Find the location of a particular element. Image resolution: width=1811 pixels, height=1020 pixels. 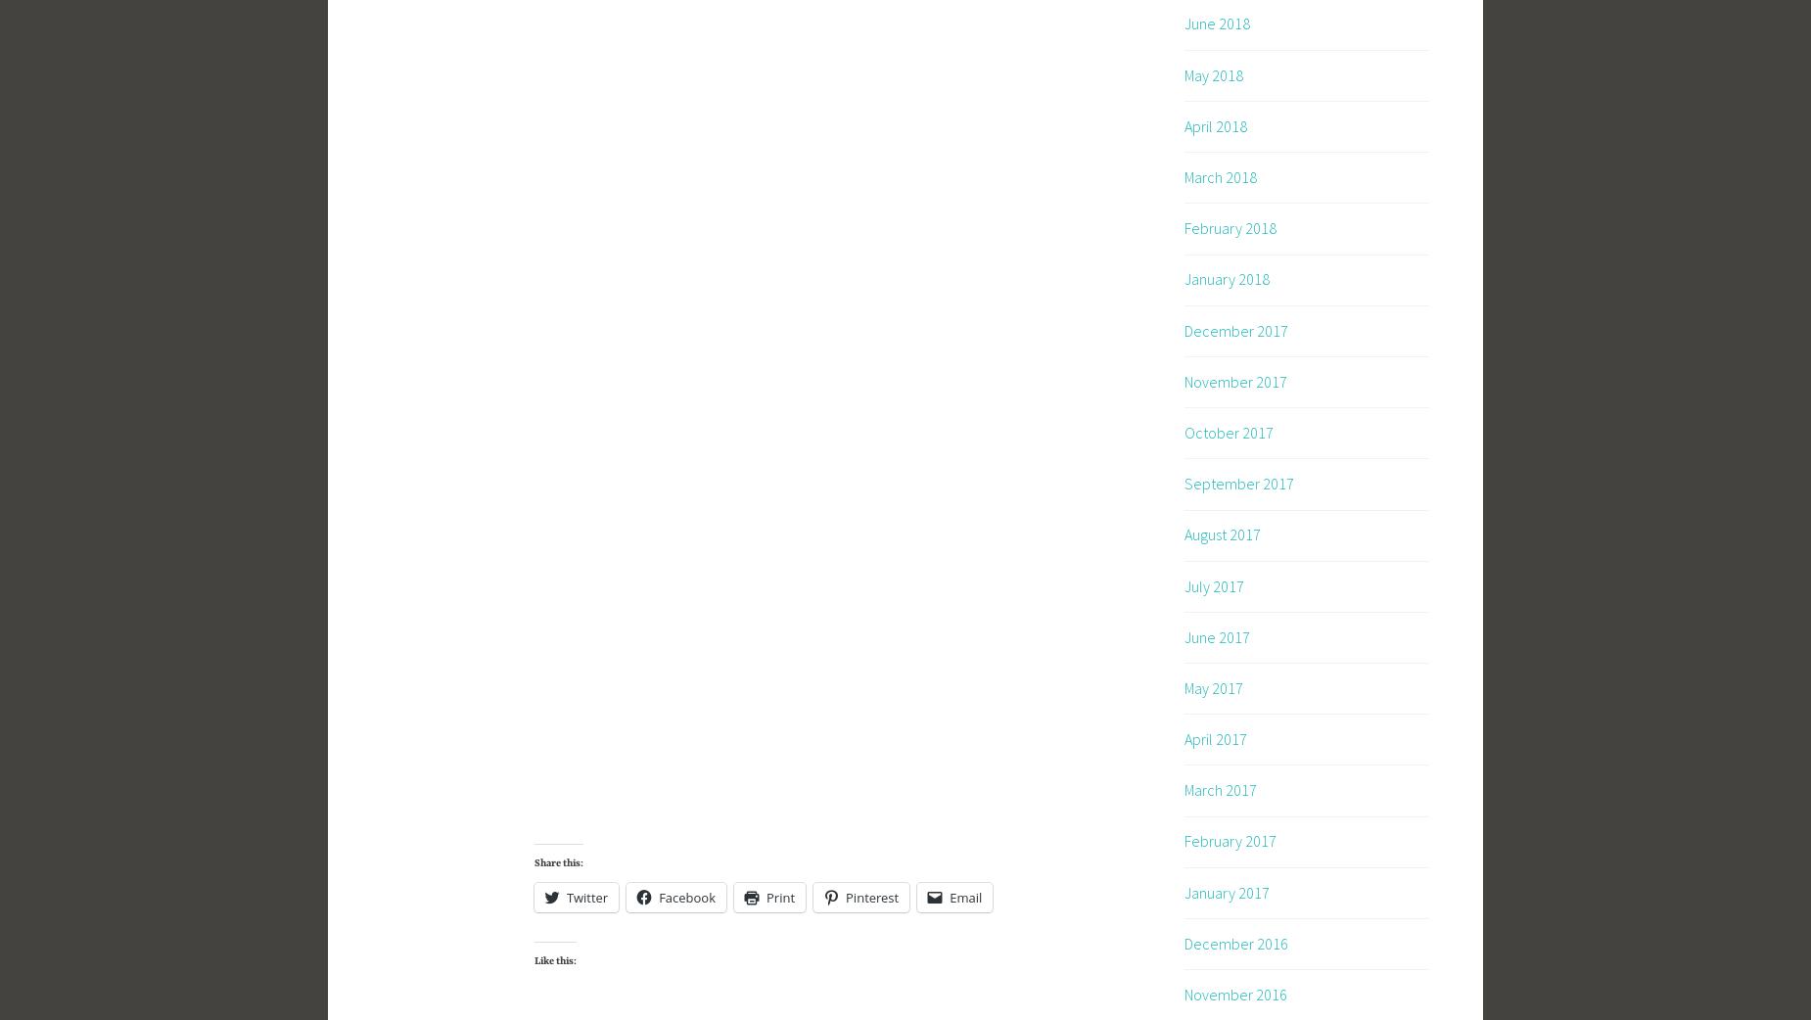

'May 2018' is located at coordinates (1213, 72).